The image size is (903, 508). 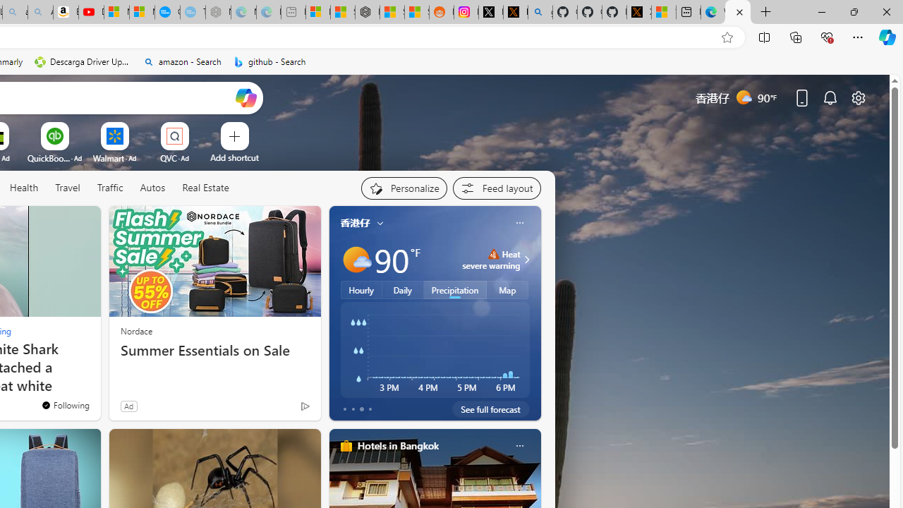 I want to click on 'tab-1', so click(x=353, y=409).